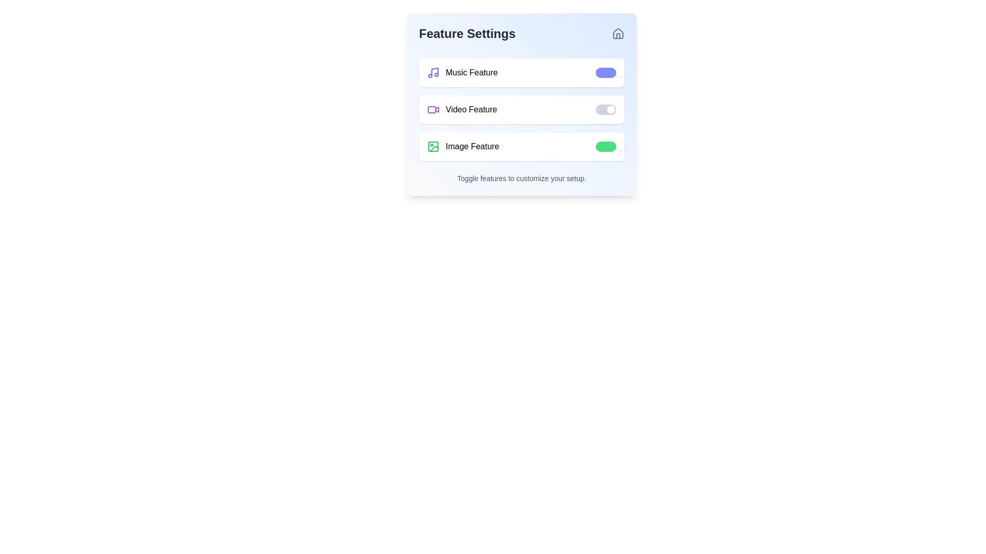  What do you see at coordinates (471, 109) in the screenshot?
I see `the 'Video Feature' label, which is styled with a medium-weight font and is positioned between the 'Music Feature' and 'Image Feature' labels` at bounding box center [471, 109].